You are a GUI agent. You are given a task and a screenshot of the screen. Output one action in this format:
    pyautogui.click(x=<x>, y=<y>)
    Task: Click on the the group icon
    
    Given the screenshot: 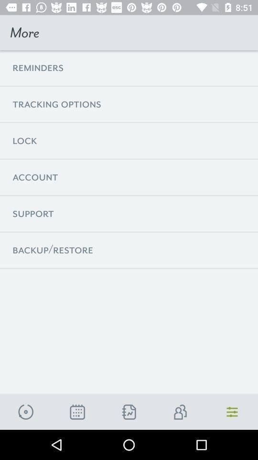 What is the action you would take?
    pyautogui.click(x=181, y=412)
    